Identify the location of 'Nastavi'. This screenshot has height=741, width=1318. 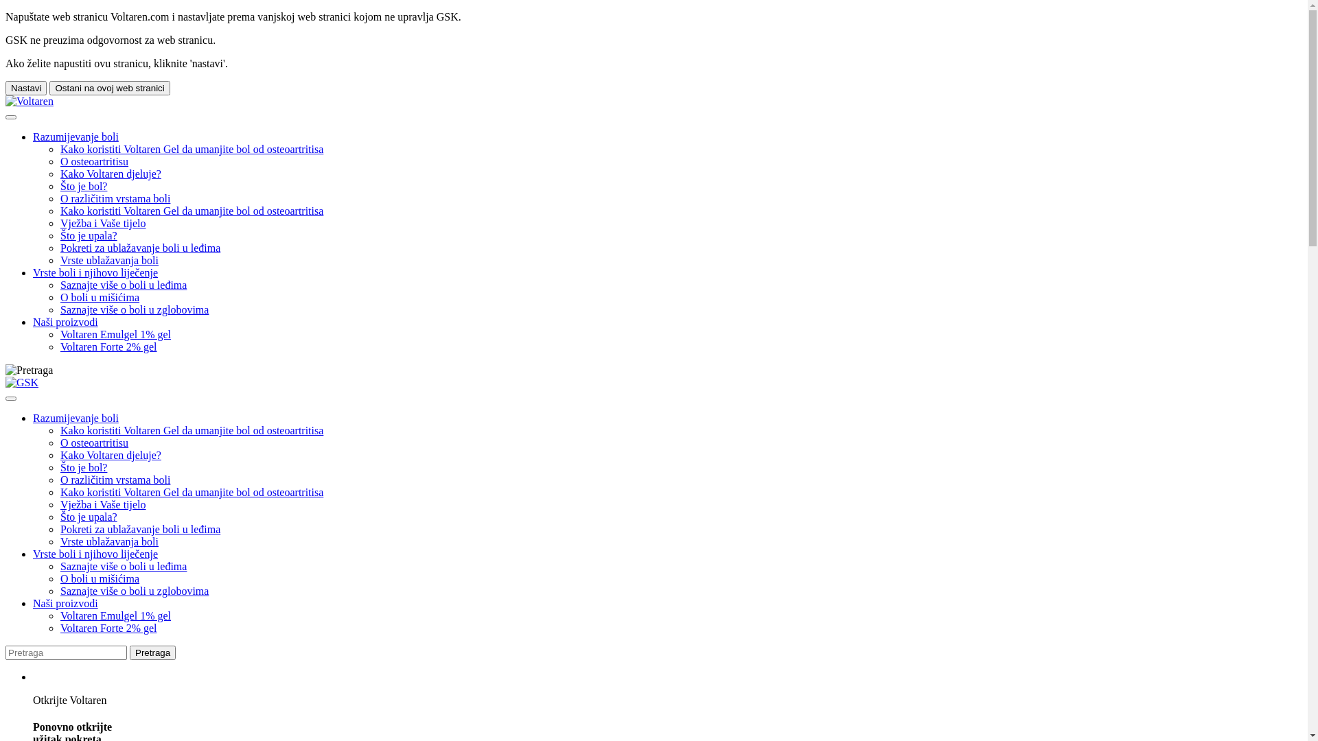
(26, 88).